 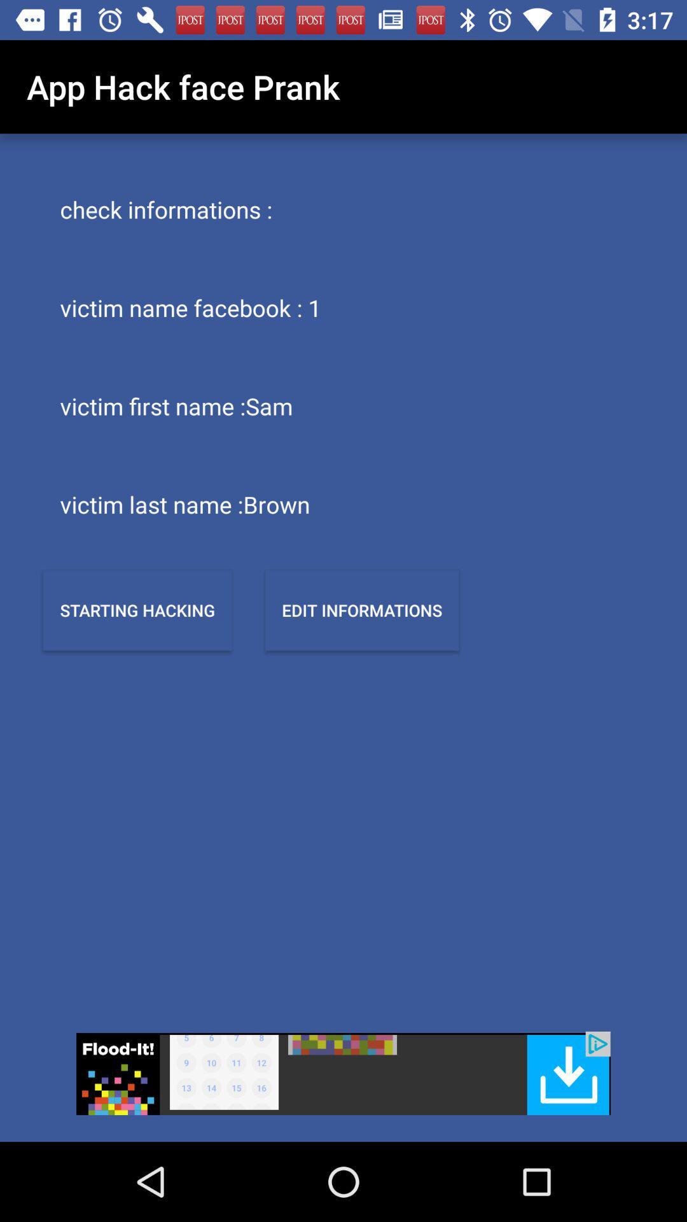 What do you see at coordinates (343, 1072) in the screenshot?
I see `advertisement` at bounding box center [343, 1072].